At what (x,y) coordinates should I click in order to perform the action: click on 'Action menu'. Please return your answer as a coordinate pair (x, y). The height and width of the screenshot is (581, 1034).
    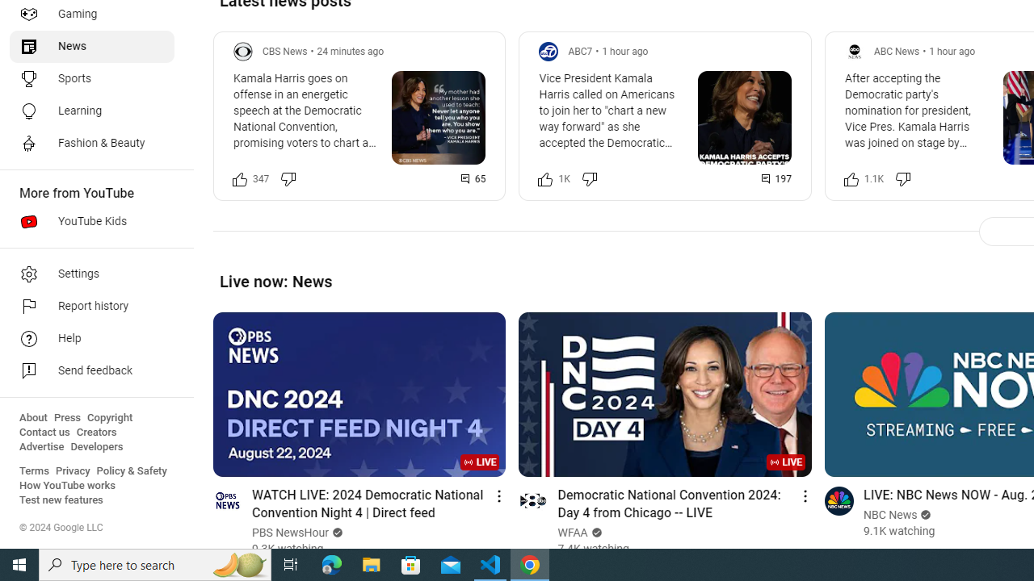
    Looking at the image, I should click on (805, 495).